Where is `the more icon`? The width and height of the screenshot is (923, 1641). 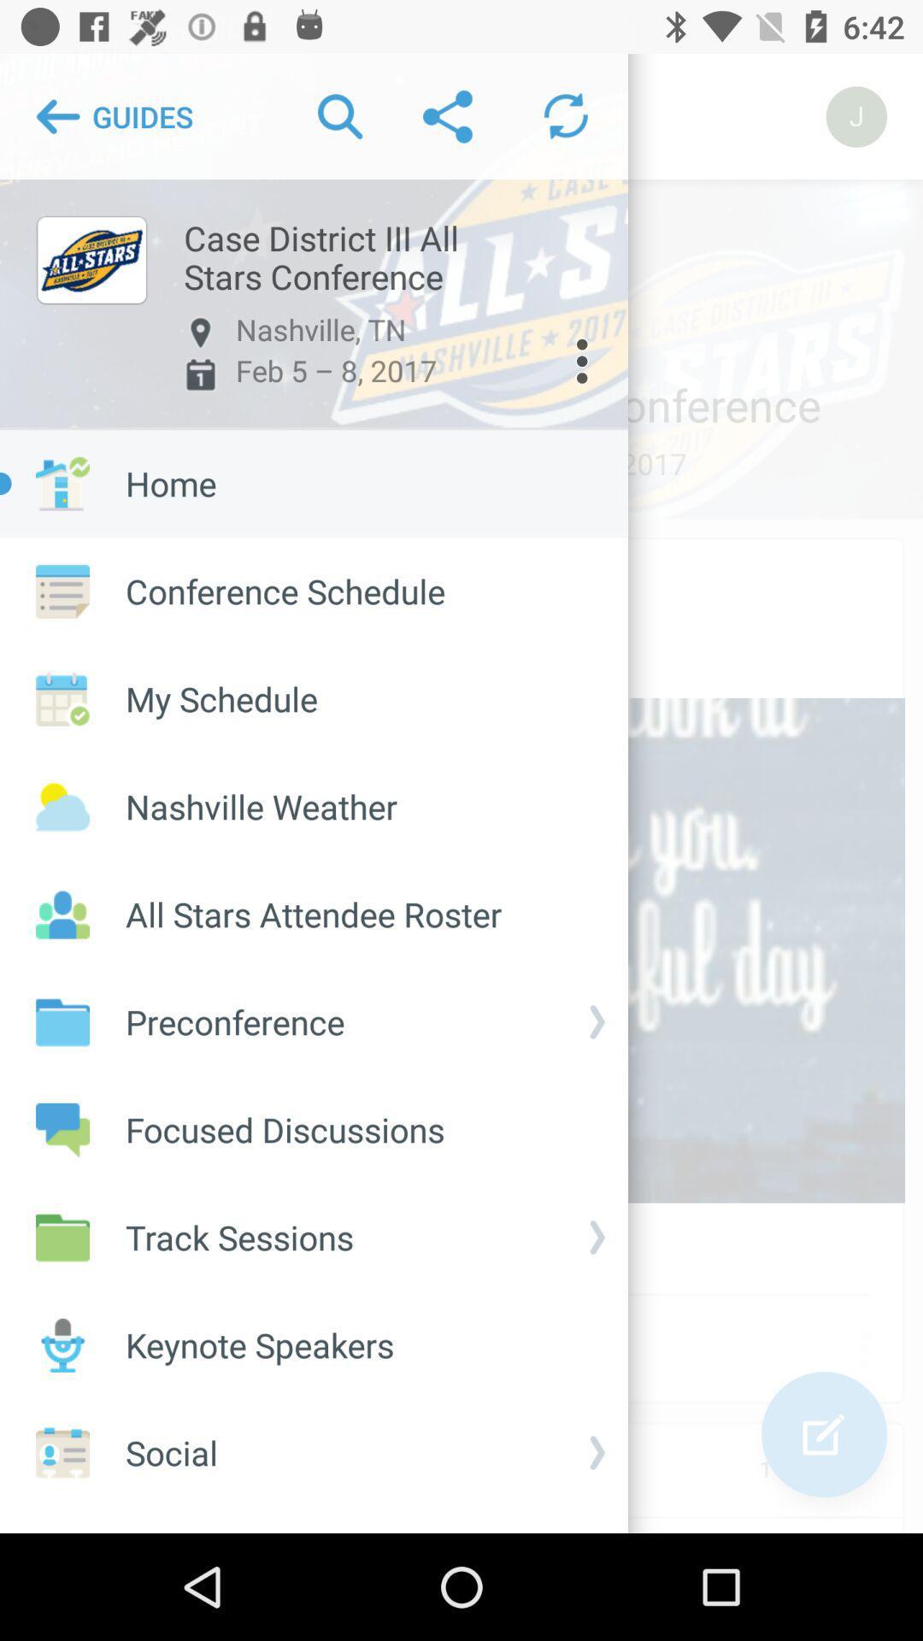 the more icon is located at coordinates (582, 361).